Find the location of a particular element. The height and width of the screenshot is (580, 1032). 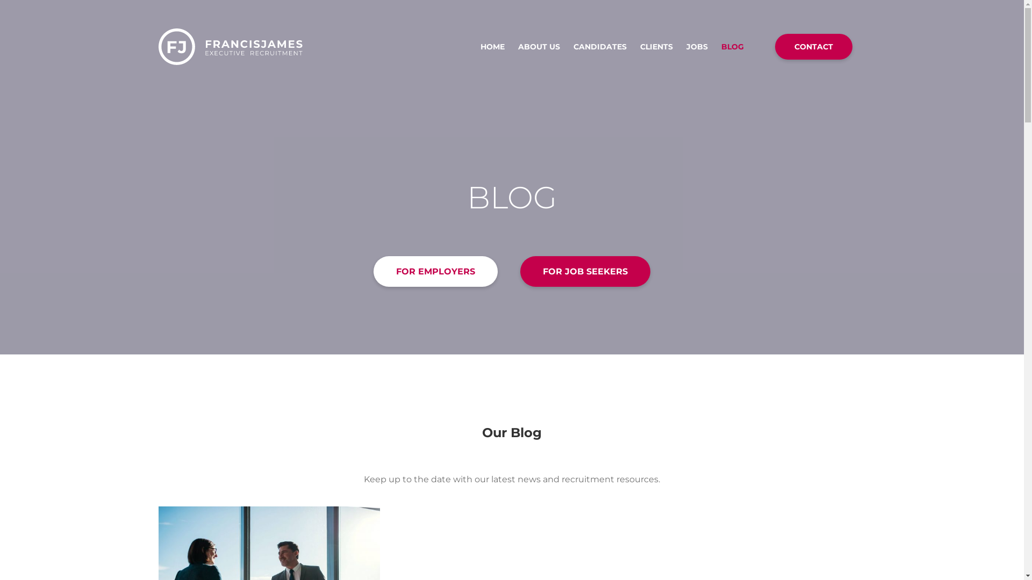

'JOBS' is located at coordinates (697, 46).